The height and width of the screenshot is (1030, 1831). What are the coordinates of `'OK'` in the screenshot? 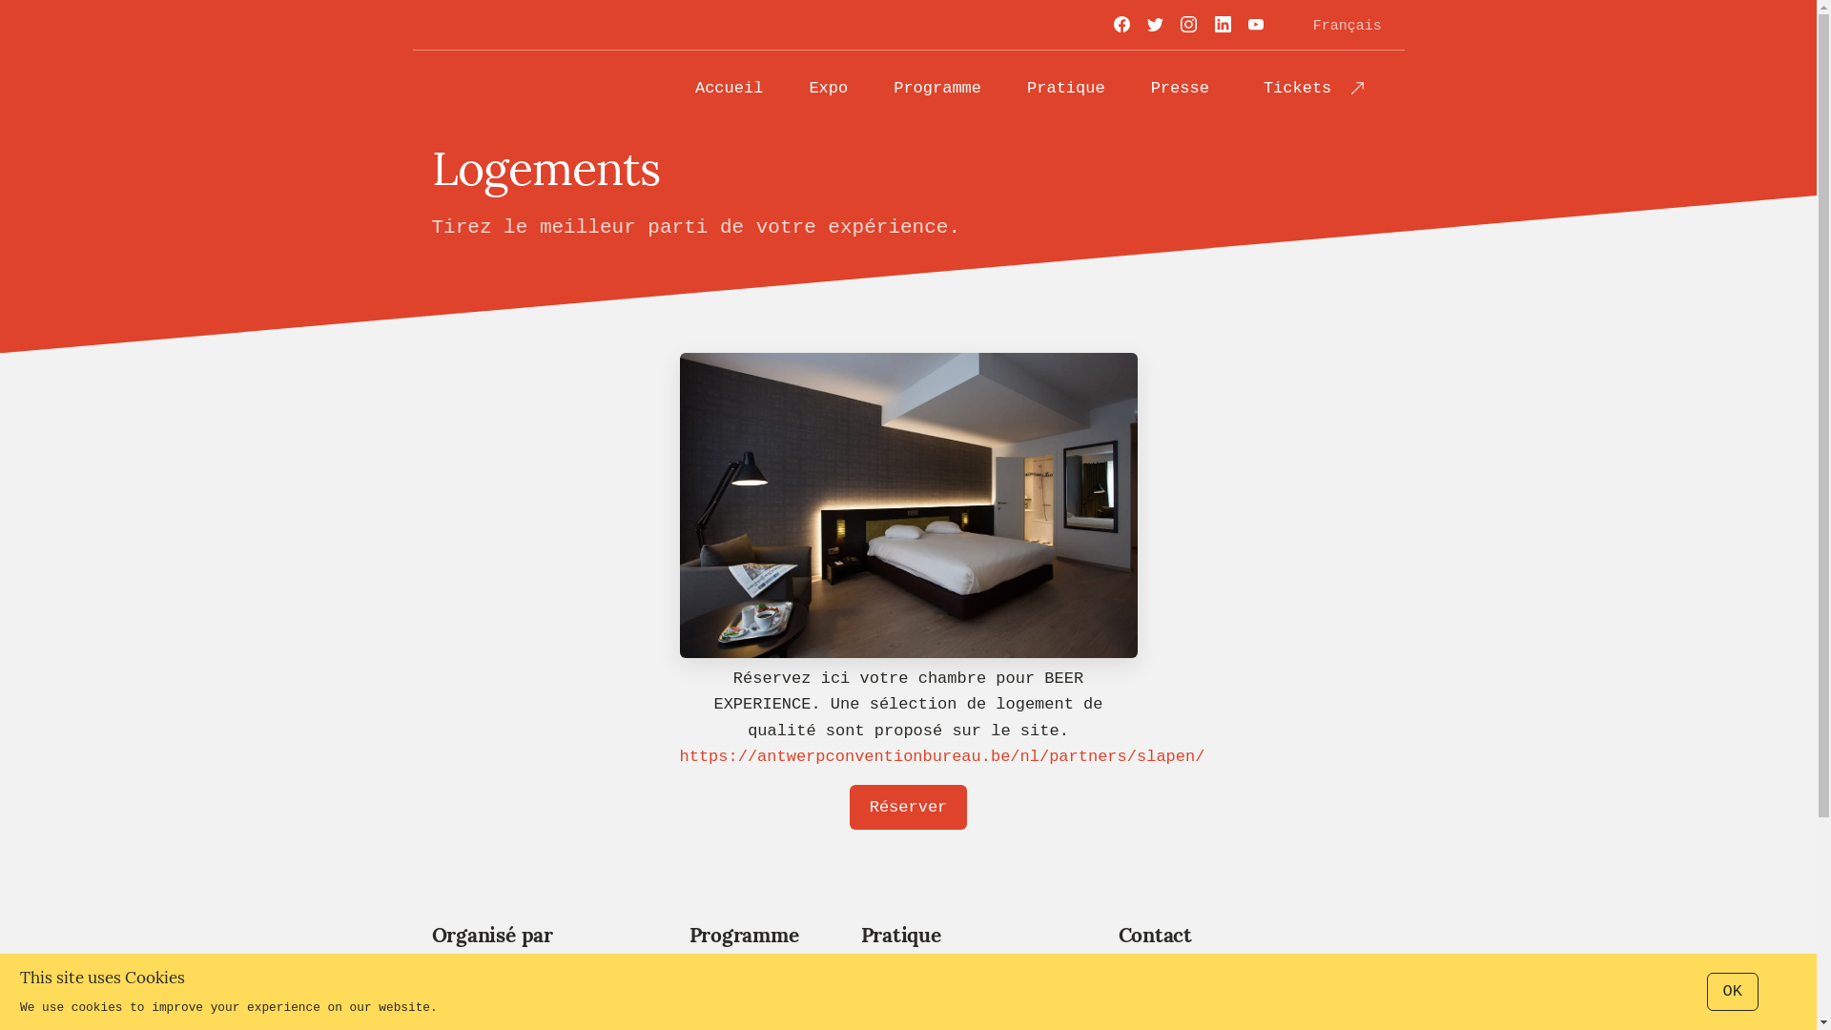 It's located at (1733, 991).